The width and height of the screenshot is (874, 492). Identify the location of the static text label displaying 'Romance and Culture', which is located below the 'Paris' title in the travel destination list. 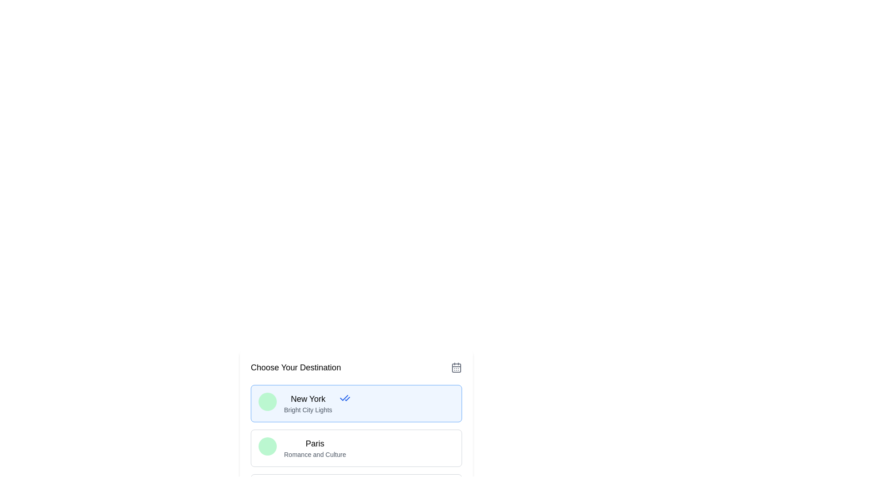
(315, 455).